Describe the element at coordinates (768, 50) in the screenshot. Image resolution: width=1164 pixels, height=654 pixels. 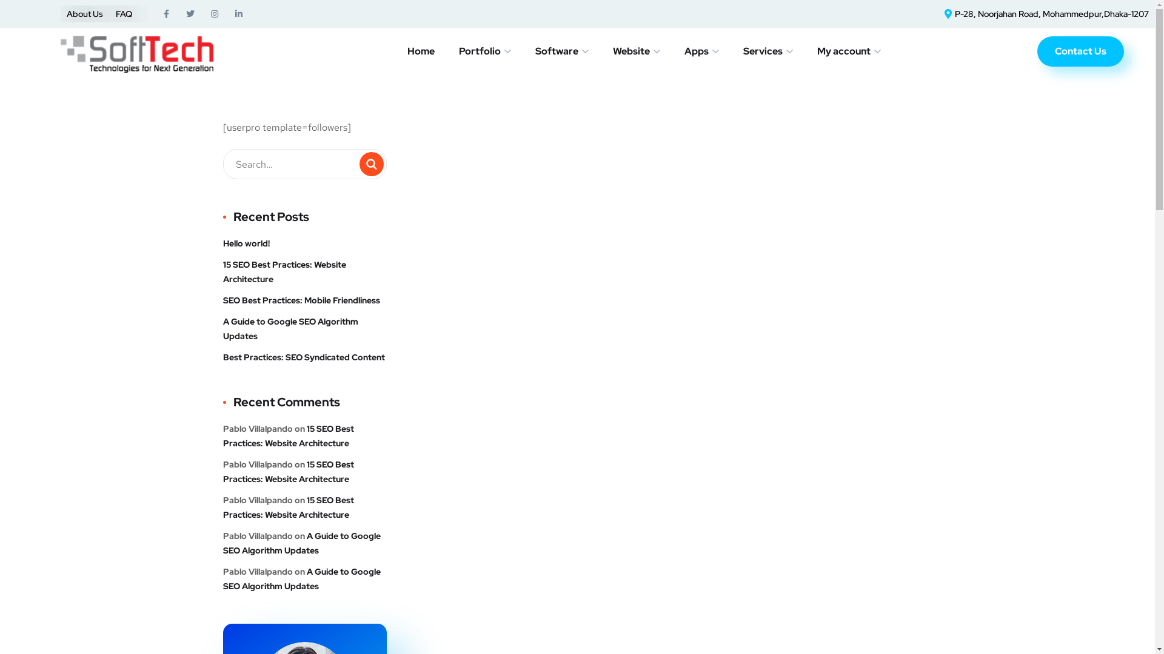
I see `'Services'` at that location.